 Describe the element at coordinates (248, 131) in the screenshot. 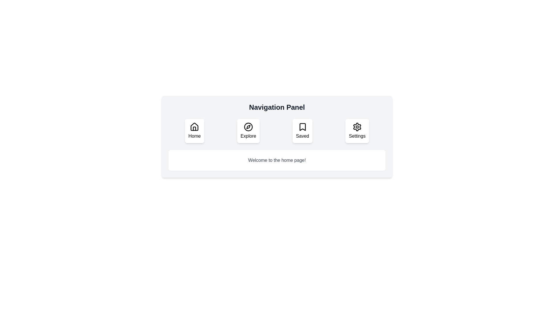

I see `the 'Explore' button located between the 'Home' and 'Saved' items in the navigation panel` at that location.